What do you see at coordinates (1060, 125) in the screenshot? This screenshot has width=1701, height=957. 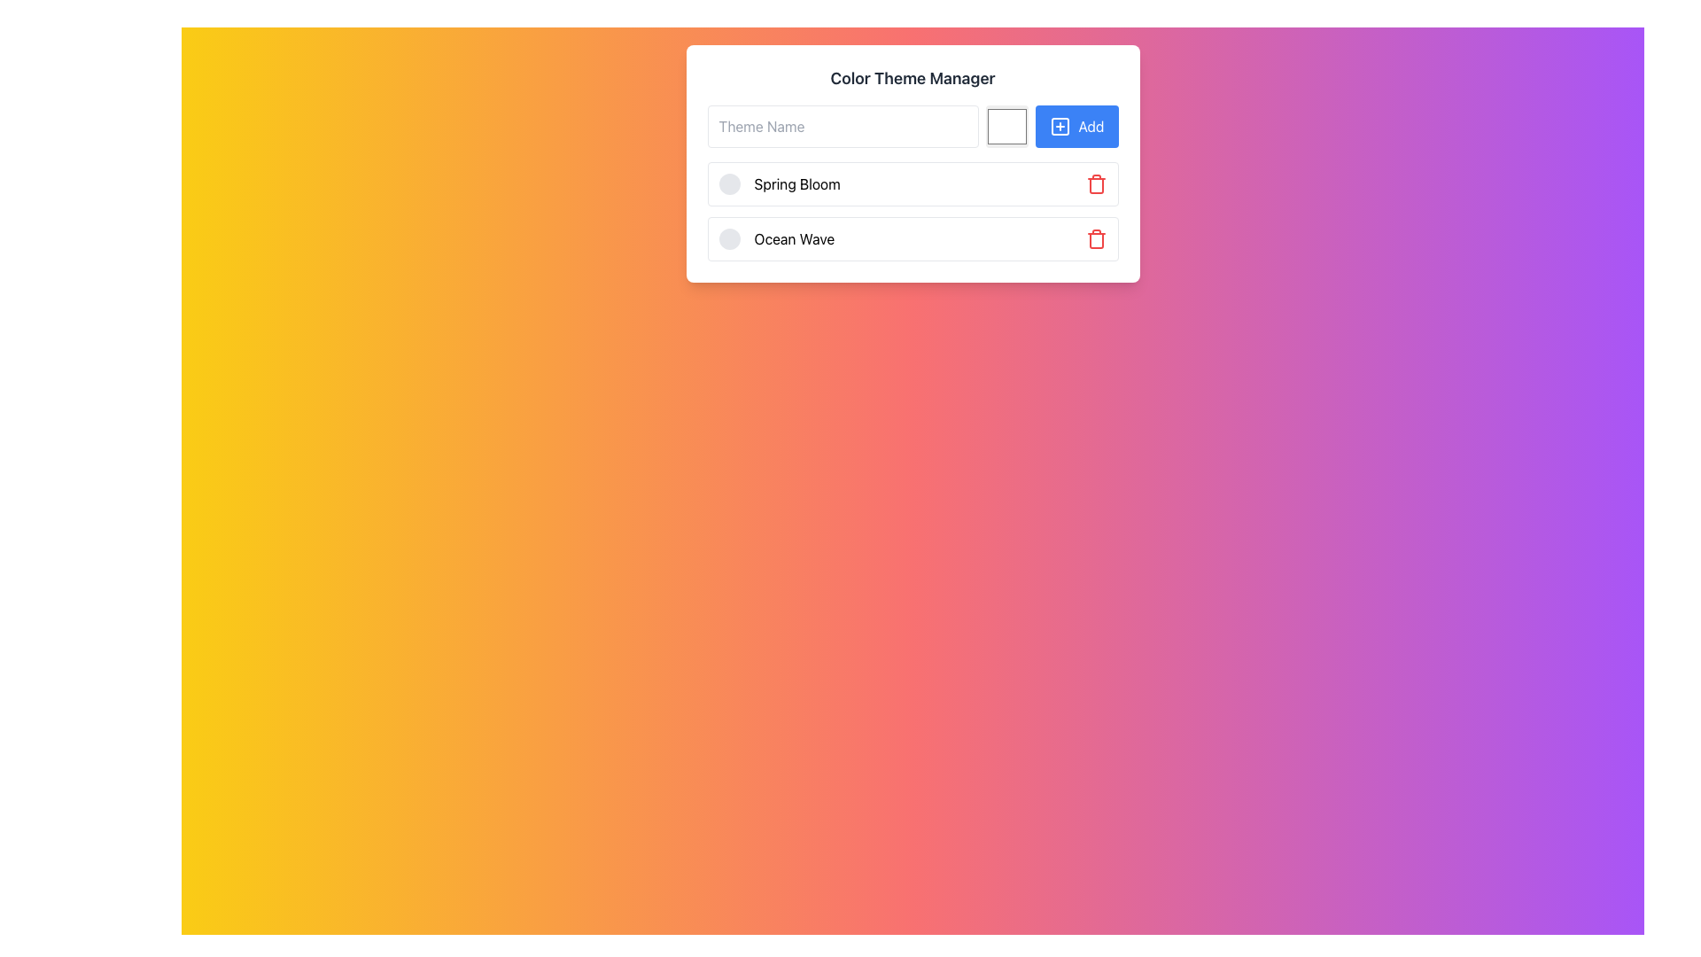 I see `the small rectangular icon with rounded corners inside the blue 'Add' button` at bounding box center [1060, 125].